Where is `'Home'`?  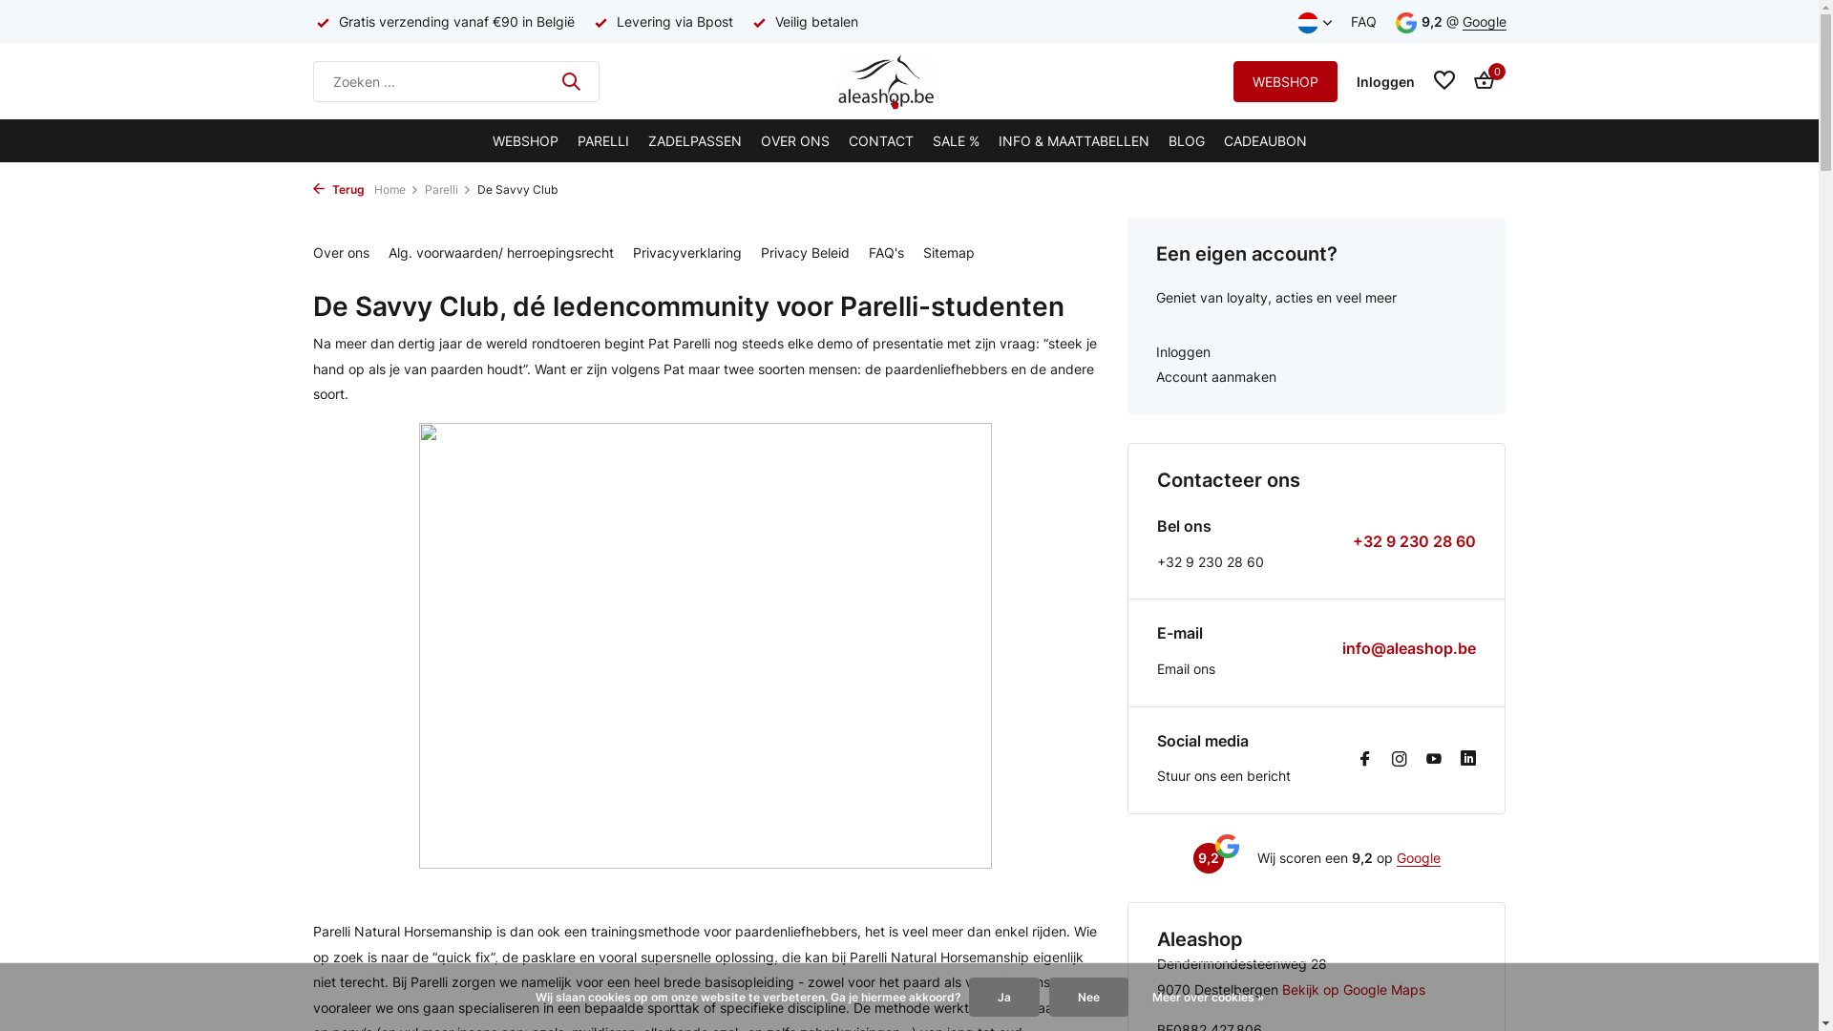 'Home' is located at coordinates (398, 190).